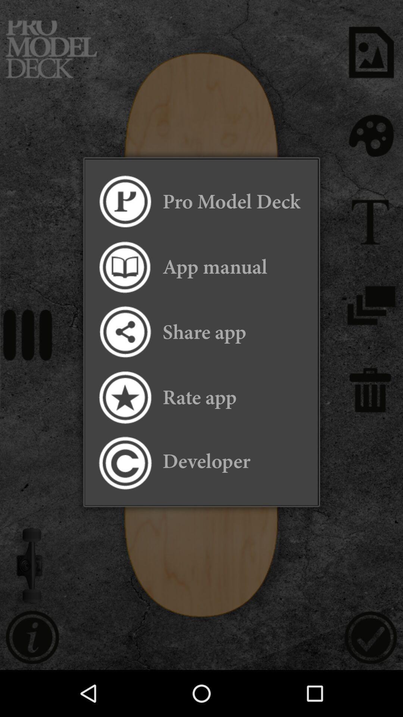  What do you see at coordinates (124, 332) in the screenshot?
I see `app to the left of the share app` at bounding box center [124, 332].